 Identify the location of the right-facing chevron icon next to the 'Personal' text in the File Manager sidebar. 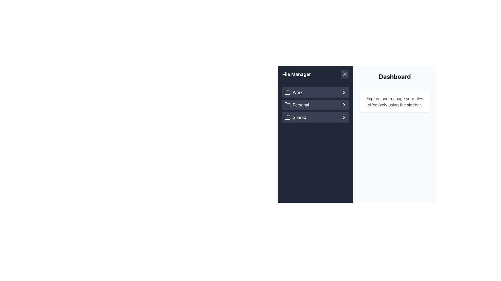
(344, 105).